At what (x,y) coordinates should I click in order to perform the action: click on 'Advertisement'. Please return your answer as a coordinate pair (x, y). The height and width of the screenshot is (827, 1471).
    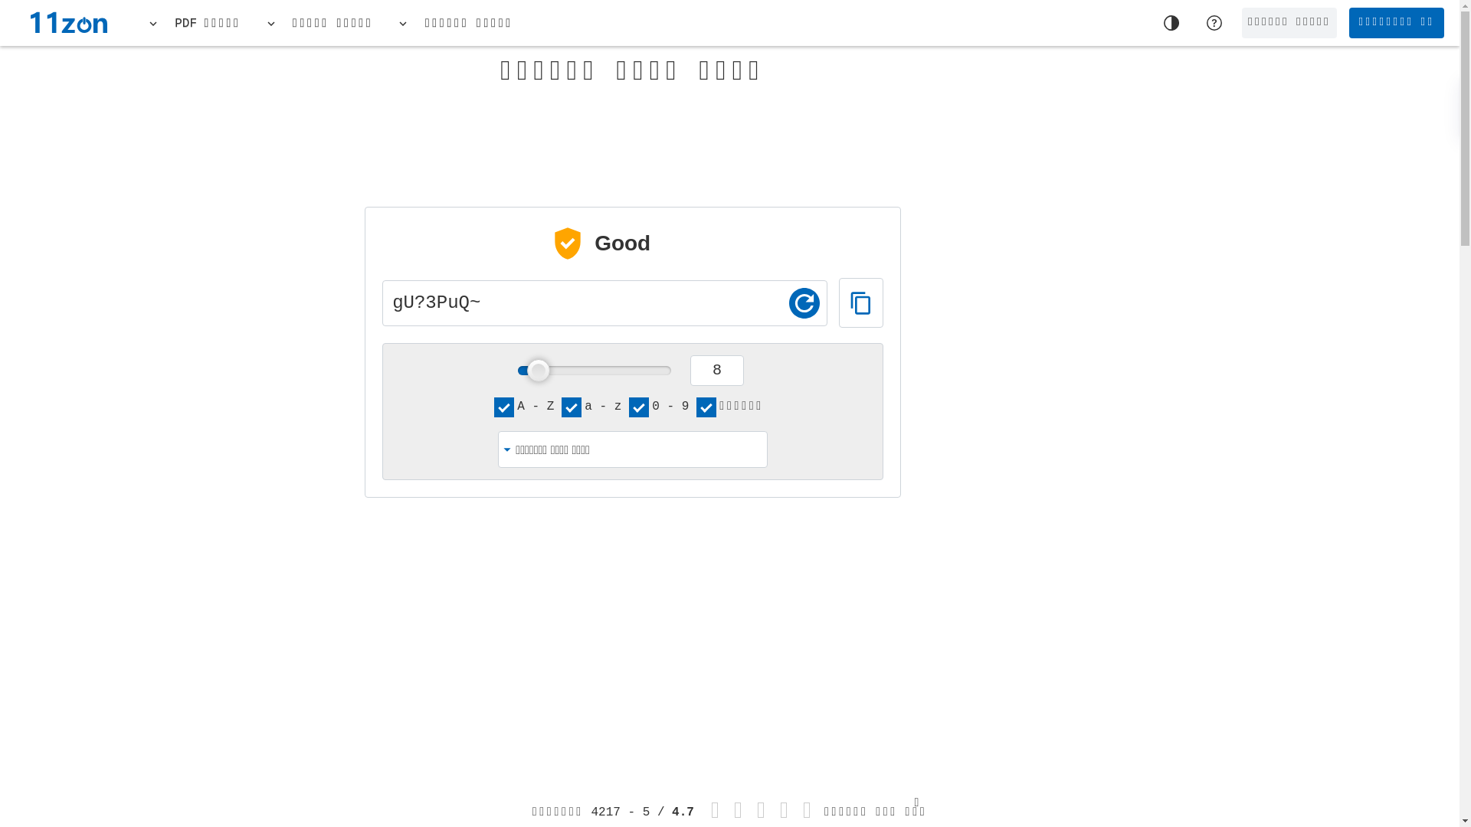
    Looking at the image, I should click on (632, 135).